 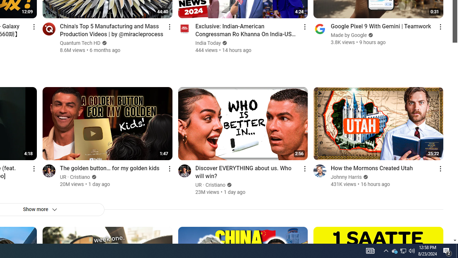 What do you see at coordinates (349, 35) in the screenshot?
I see `'Made by Google'` at bounding box center [349, 35].